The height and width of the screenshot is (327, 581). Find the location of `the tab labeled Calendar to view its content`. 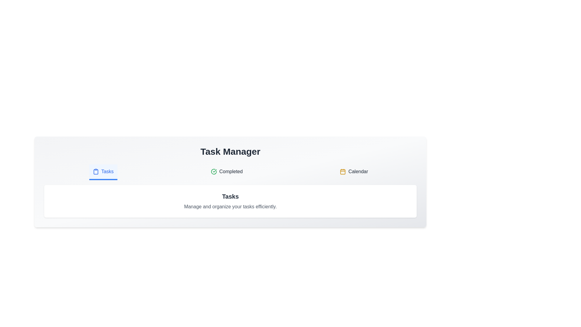

the tab labeled Calendar to view its content is located at coordinates (354, 172).